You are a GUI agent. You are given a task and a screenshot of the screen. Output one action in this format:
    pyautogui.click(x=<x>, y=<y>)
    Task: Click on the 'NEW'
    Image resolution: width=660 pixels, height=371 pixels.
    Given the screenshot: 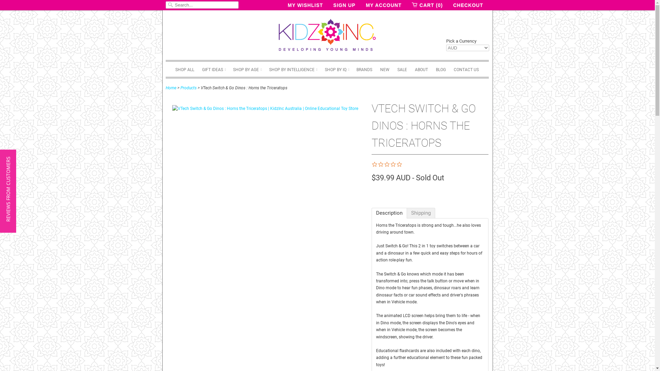 What is the action you would take?
    pyautogui.click(x=384, y=69)
    